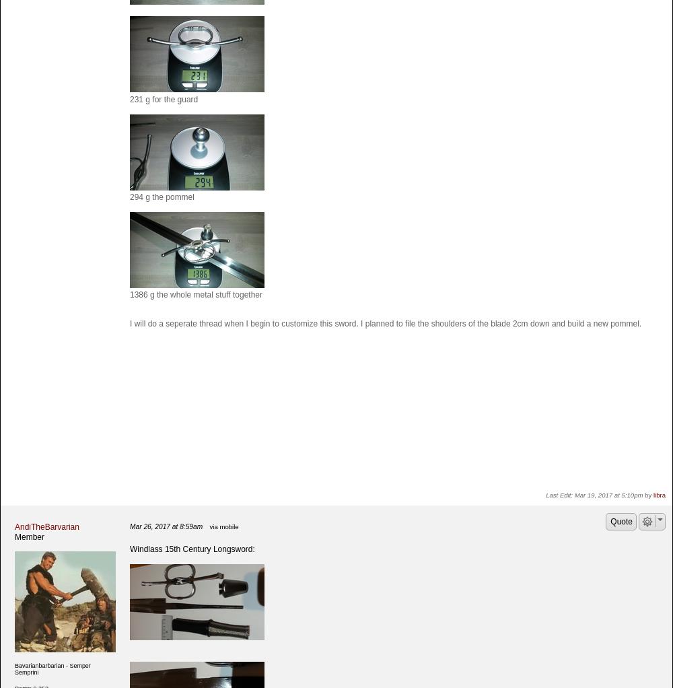 The width and height of the screenshot is (673, 688). Describe the element at coordinates (166, 526) in the screenshot. I see `'Mar 26, 2017 at 8:59am'` at that location.